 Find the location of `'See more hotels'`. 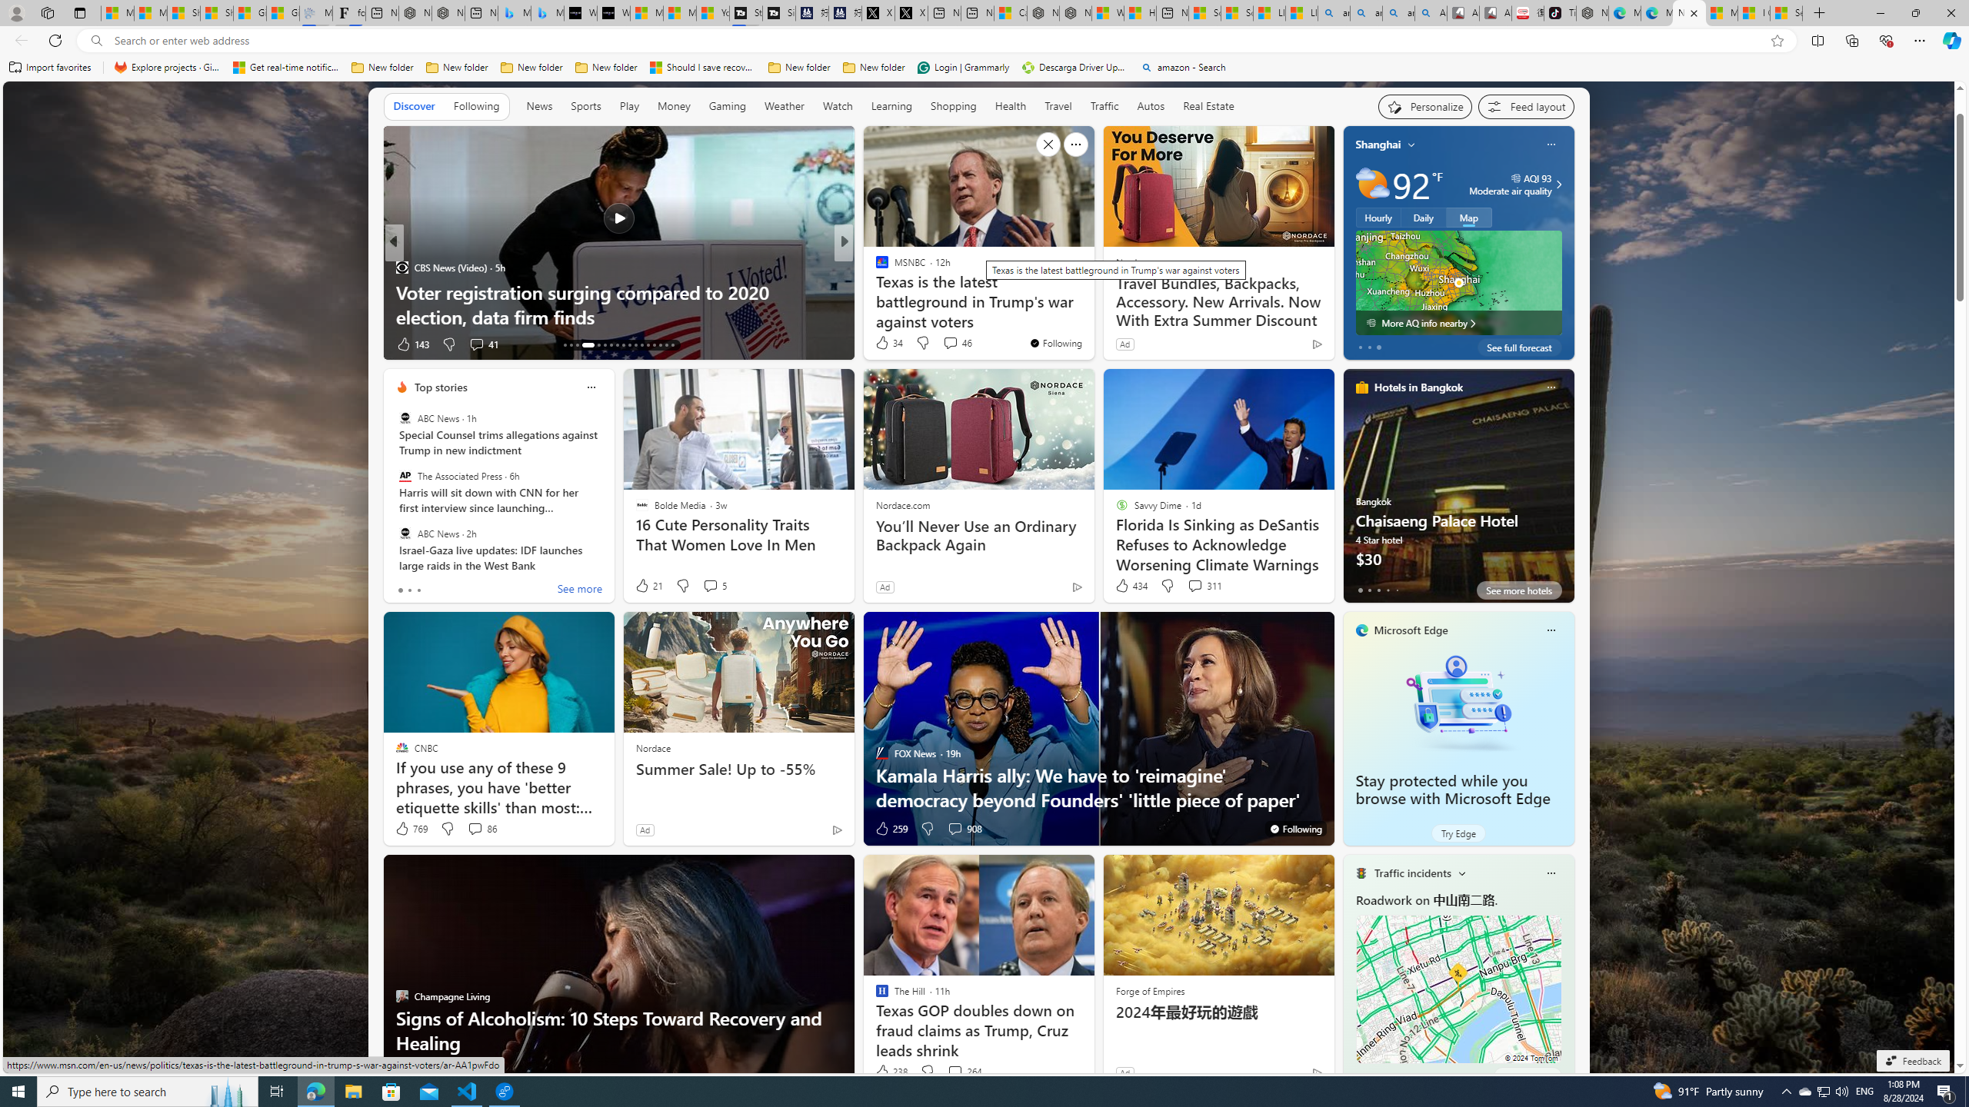

'See more hotels' is located at coordinates (1518, 590).